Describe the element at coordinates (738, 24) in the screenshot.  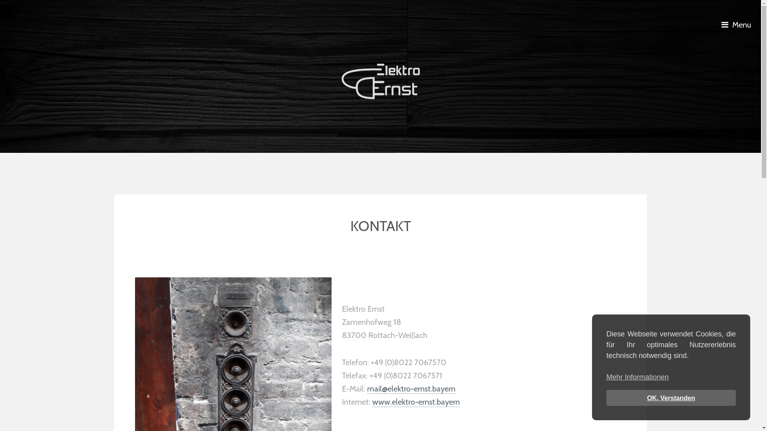
I see `'Menu'` at that location.